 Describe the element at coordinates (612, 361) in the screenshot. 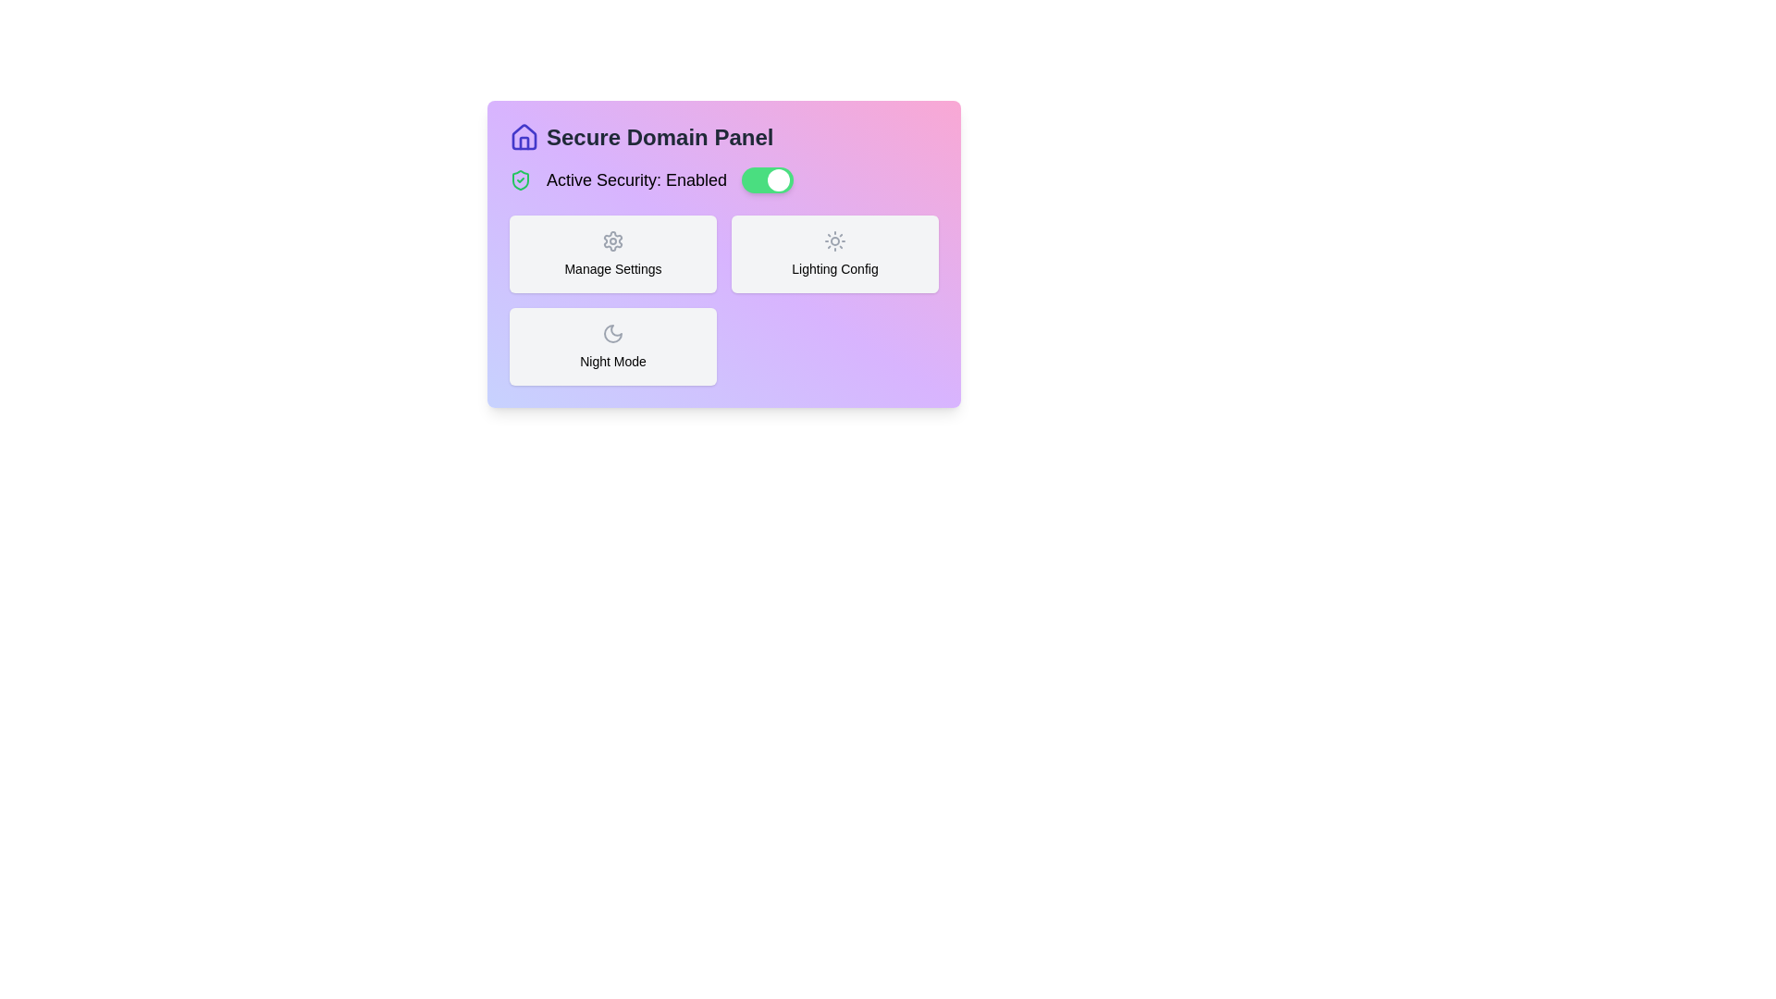

I see `the Text label that describes the button for toggling night or dark mode, located within the 'Secure Domain Panel' beneath the crescent moon icon` at that location.